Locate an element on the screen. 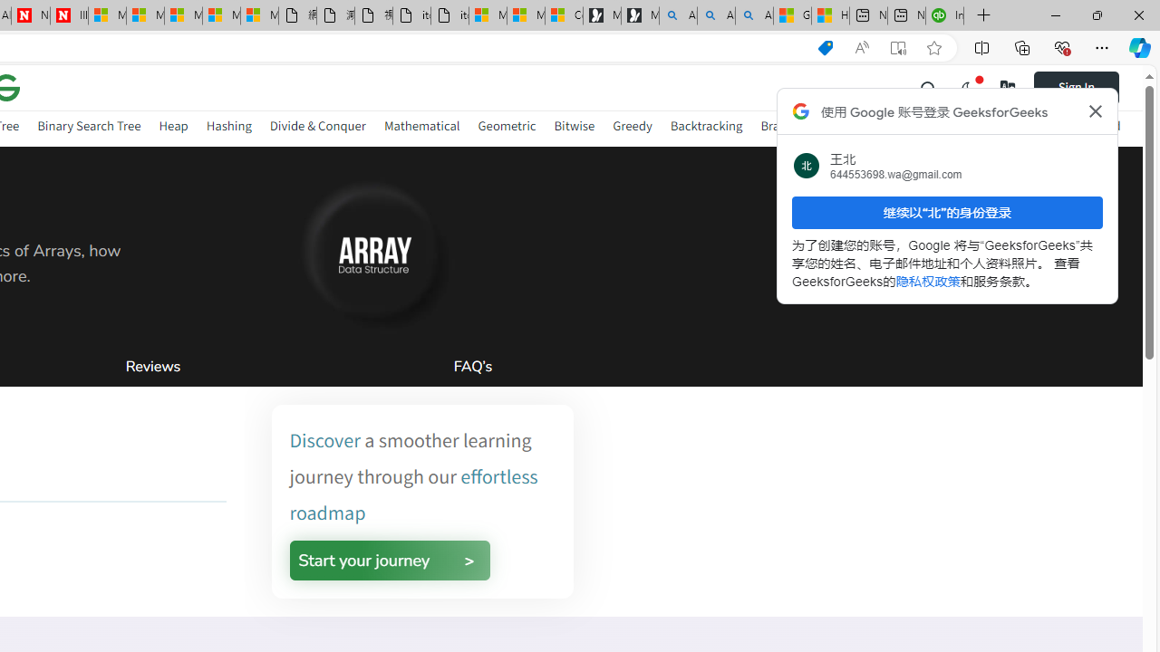 This screenshot has height=652, width=1160. 'This site has coupons! Shopping in Microsoft Edge' is located at coordinates (824, 47).